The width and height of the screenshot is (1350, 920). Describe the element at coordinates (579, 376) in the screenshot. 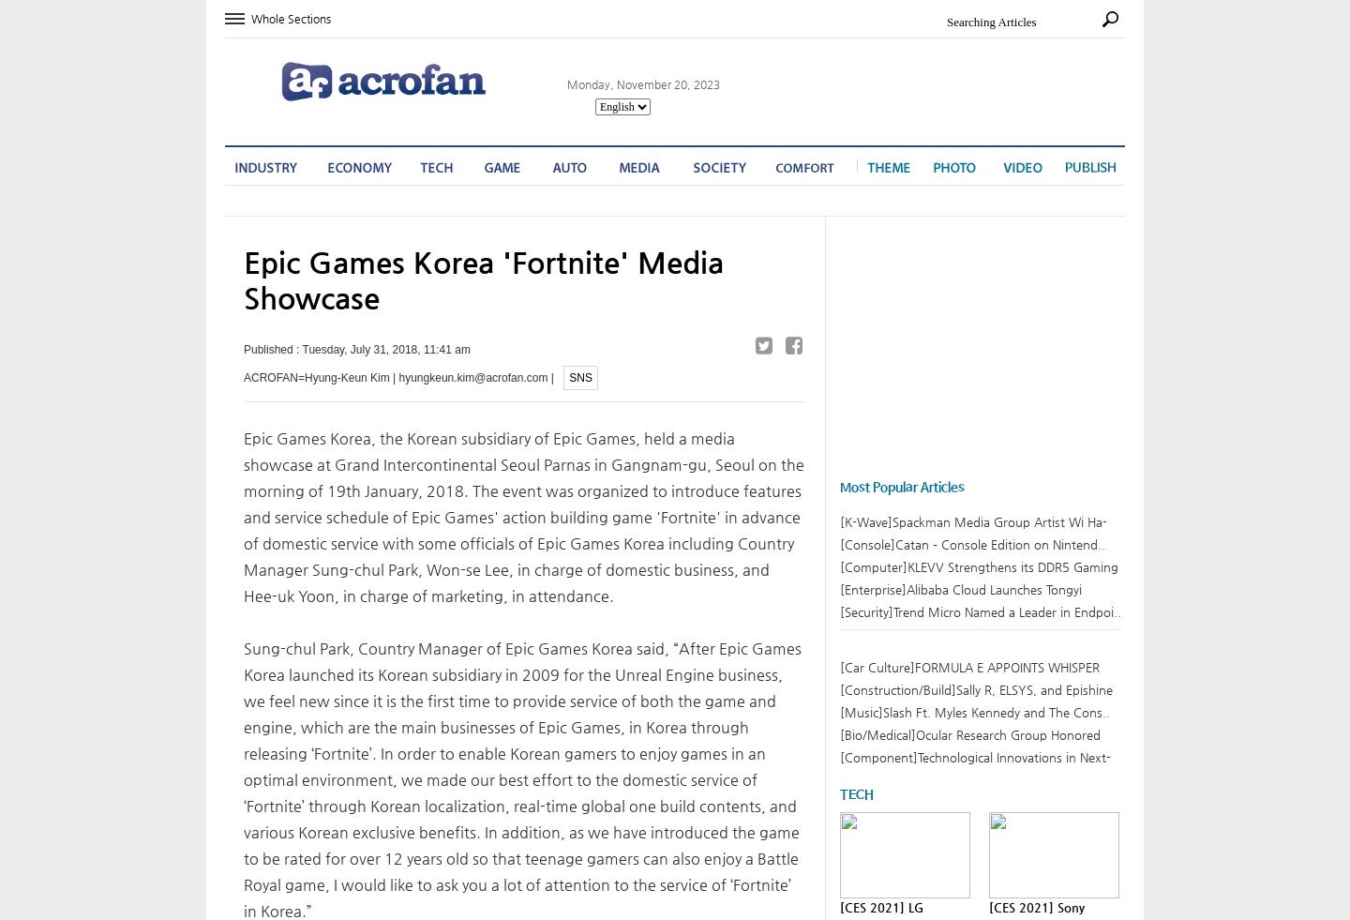

I see `'SNS'` at that location.